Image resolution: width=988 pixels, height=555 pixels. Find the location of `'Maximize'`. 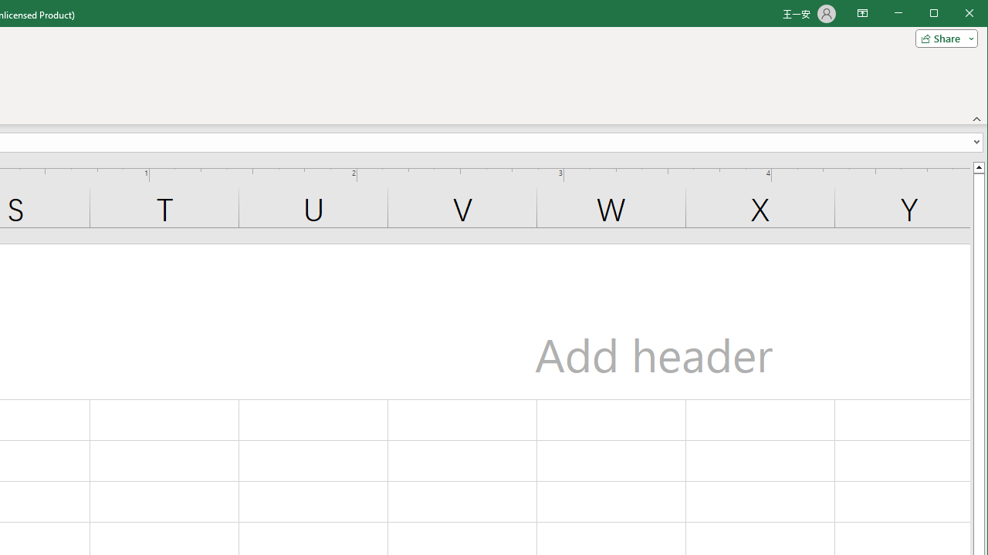

'Maximize' is located at coordinates (956, 15).